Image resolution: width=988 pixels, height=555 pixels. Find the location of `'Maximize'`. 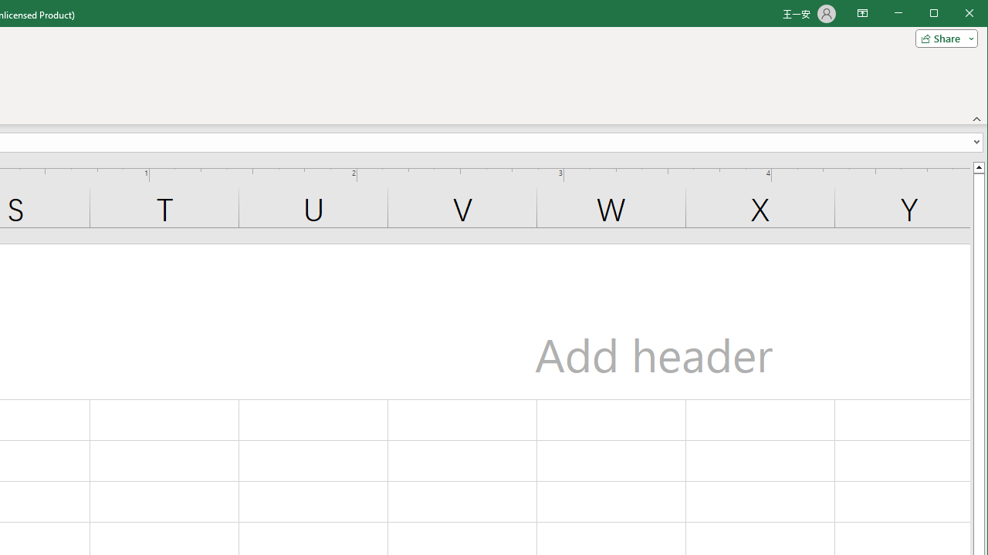

'Maximize' is located at coordinates (956, 15).